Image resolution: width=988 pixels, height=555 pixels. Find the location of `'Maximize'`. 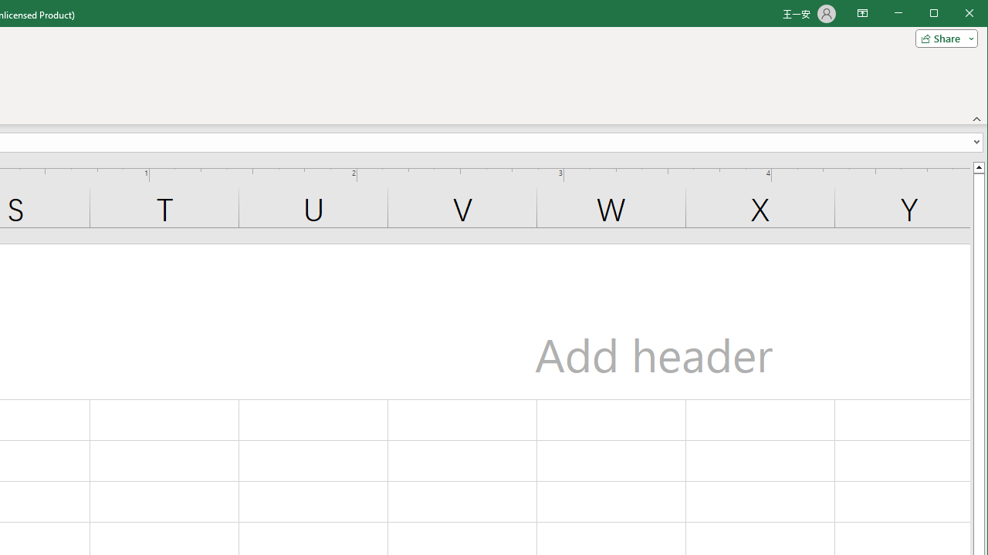

'Maximize' is located at coordinates (956, 15).